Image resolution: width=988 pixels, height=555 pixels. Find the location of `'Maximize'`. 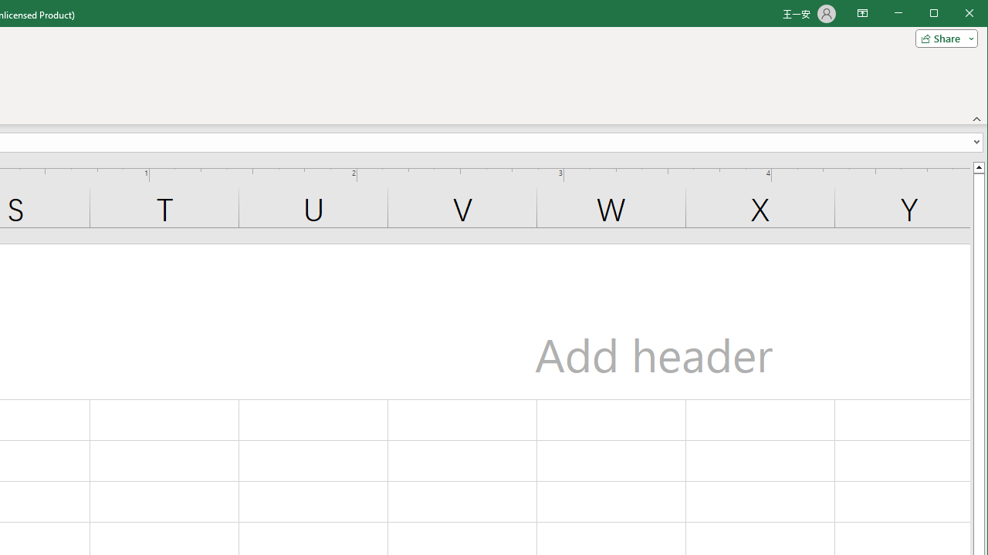

'Maximize' is located at coordinates (956, 15).